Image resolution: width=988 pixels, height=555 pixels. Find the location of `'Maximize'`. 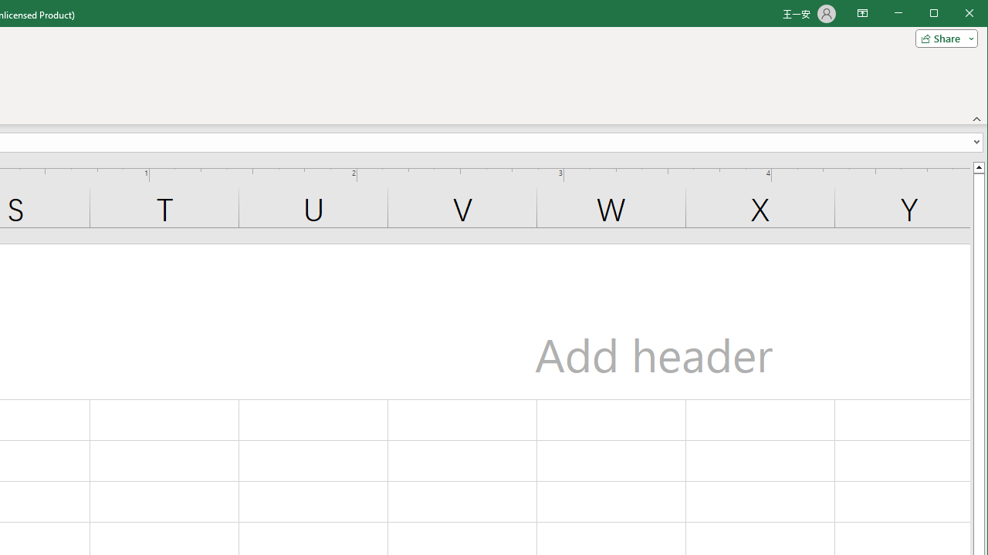

'Maximize' is located at coordinates (956, 15).